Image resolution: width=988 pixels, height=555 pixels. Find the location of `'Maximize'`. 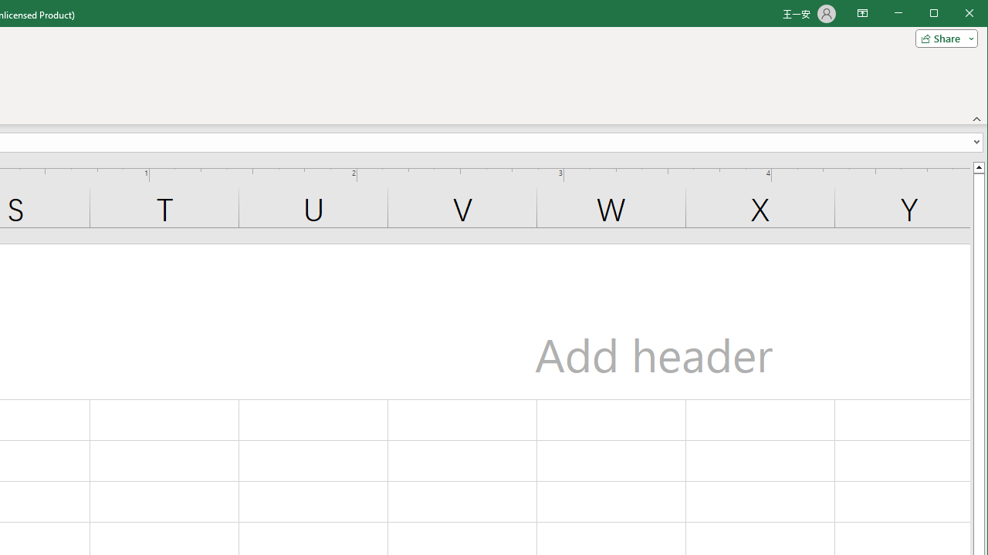

'Maximize' is located at coordinates (956, 15).